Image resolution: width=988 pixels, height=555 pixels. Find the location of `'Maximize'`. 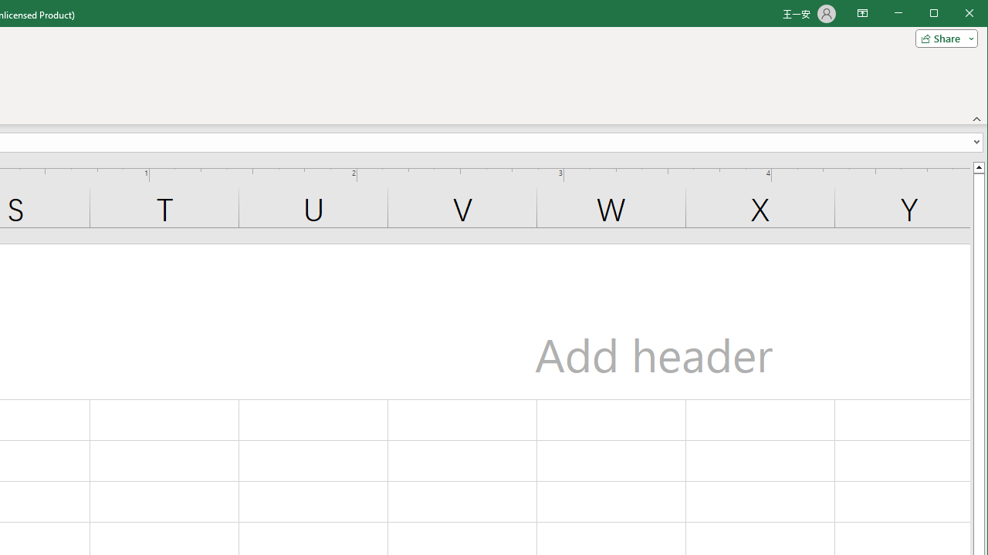

'Maximize' is located at coordinates (956, 15).